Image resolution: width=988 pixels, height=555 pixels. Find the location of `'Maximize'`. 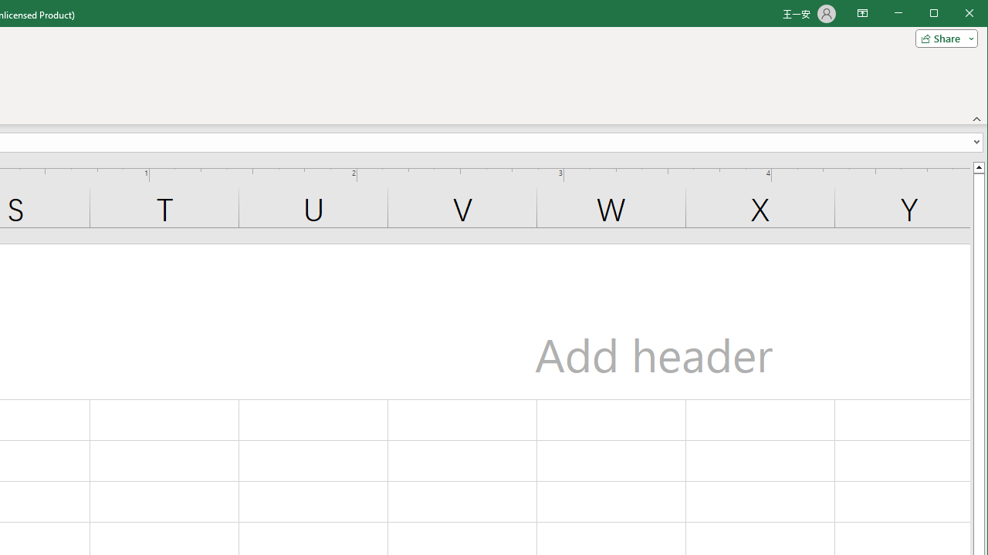

'Maximize' is located at coordinates (956, 15).